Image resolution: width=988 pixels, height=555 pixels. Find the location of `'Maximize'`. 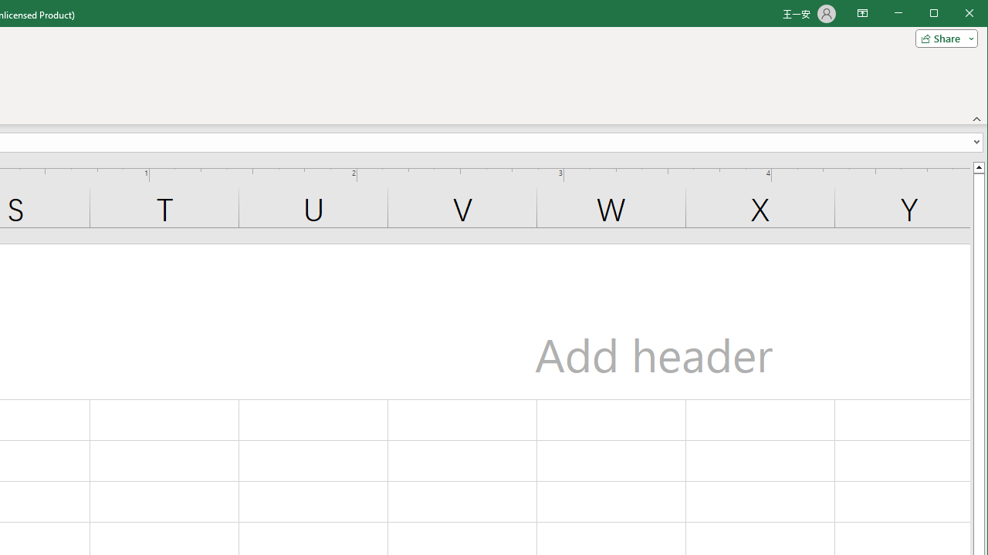

'Maximize' is located at coordinates (956, 15).